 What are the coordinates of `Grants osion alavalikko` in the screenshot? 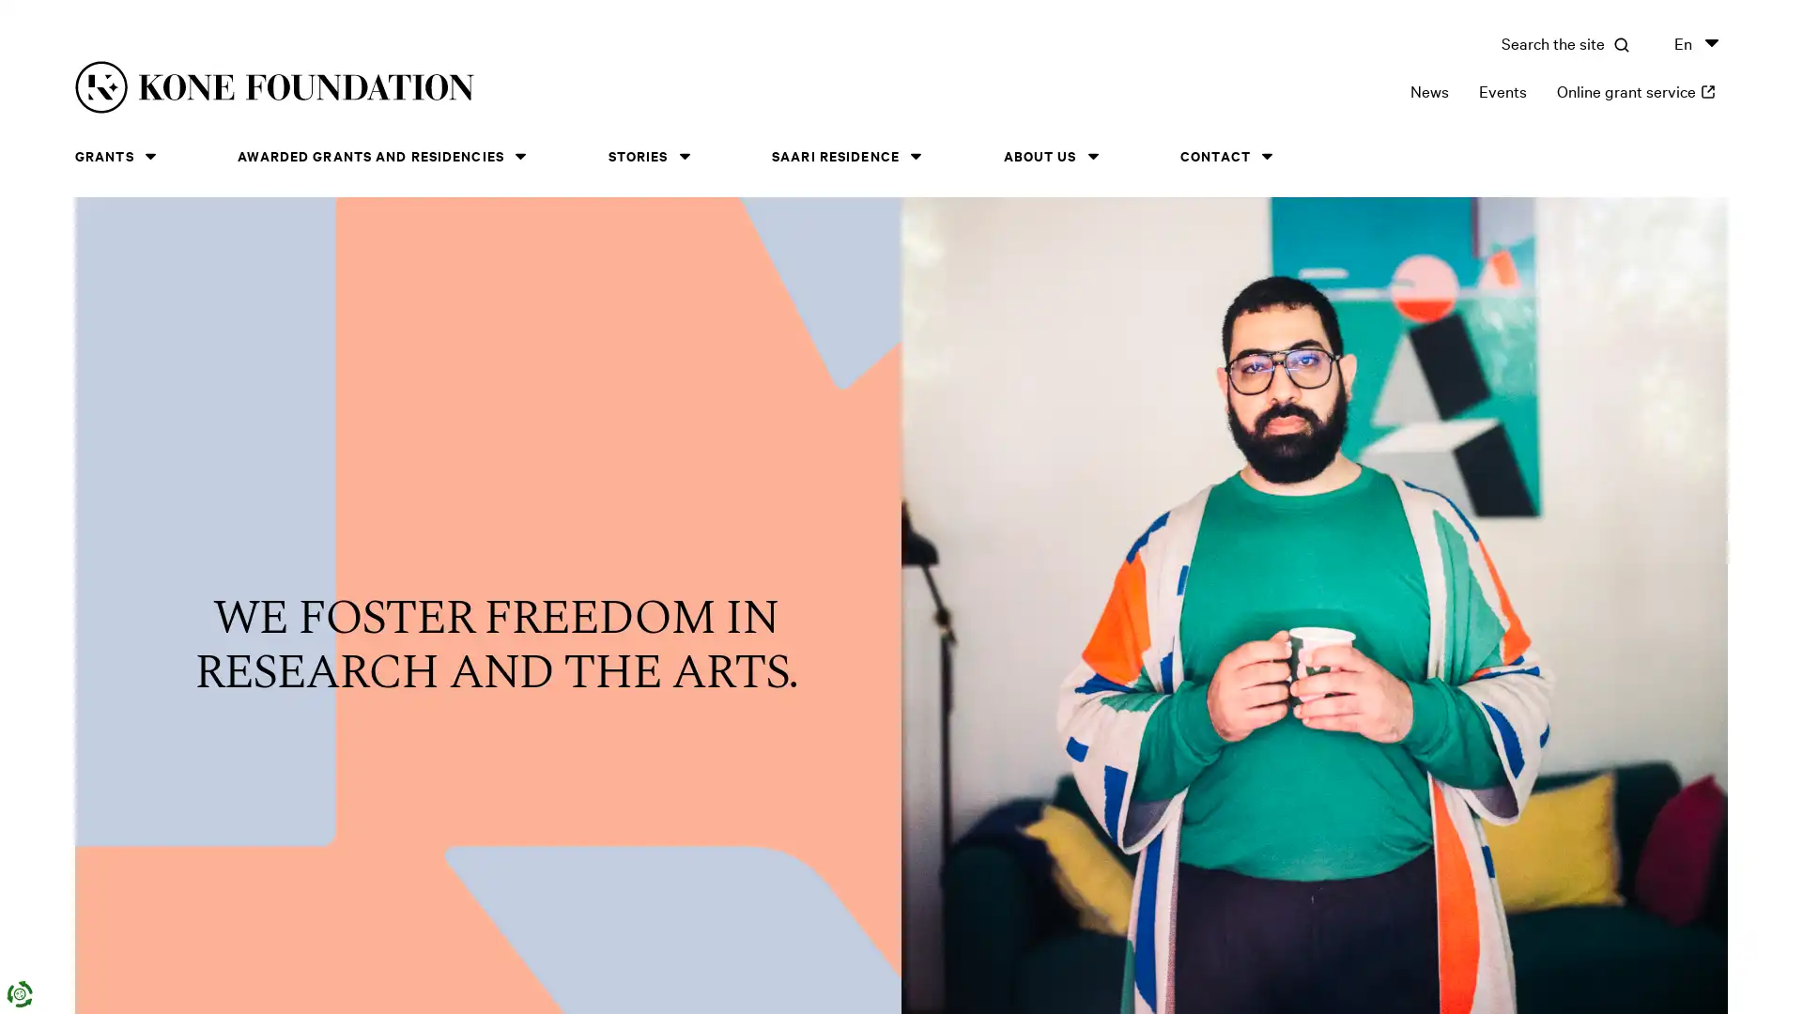 It's located at (148, 155).